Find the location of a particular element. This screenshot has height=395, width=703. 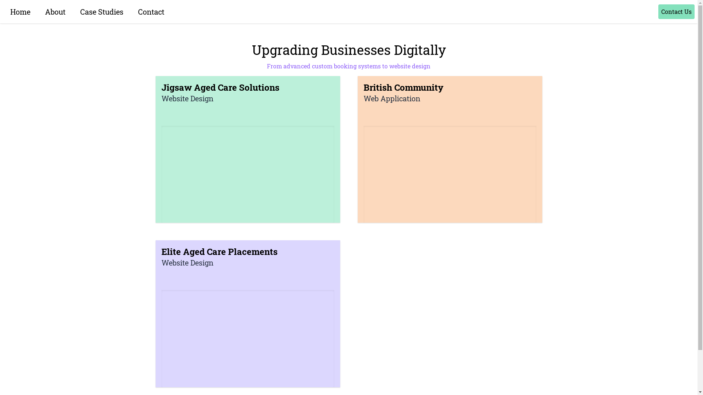

'British Community is located at coordinates (449, 149).